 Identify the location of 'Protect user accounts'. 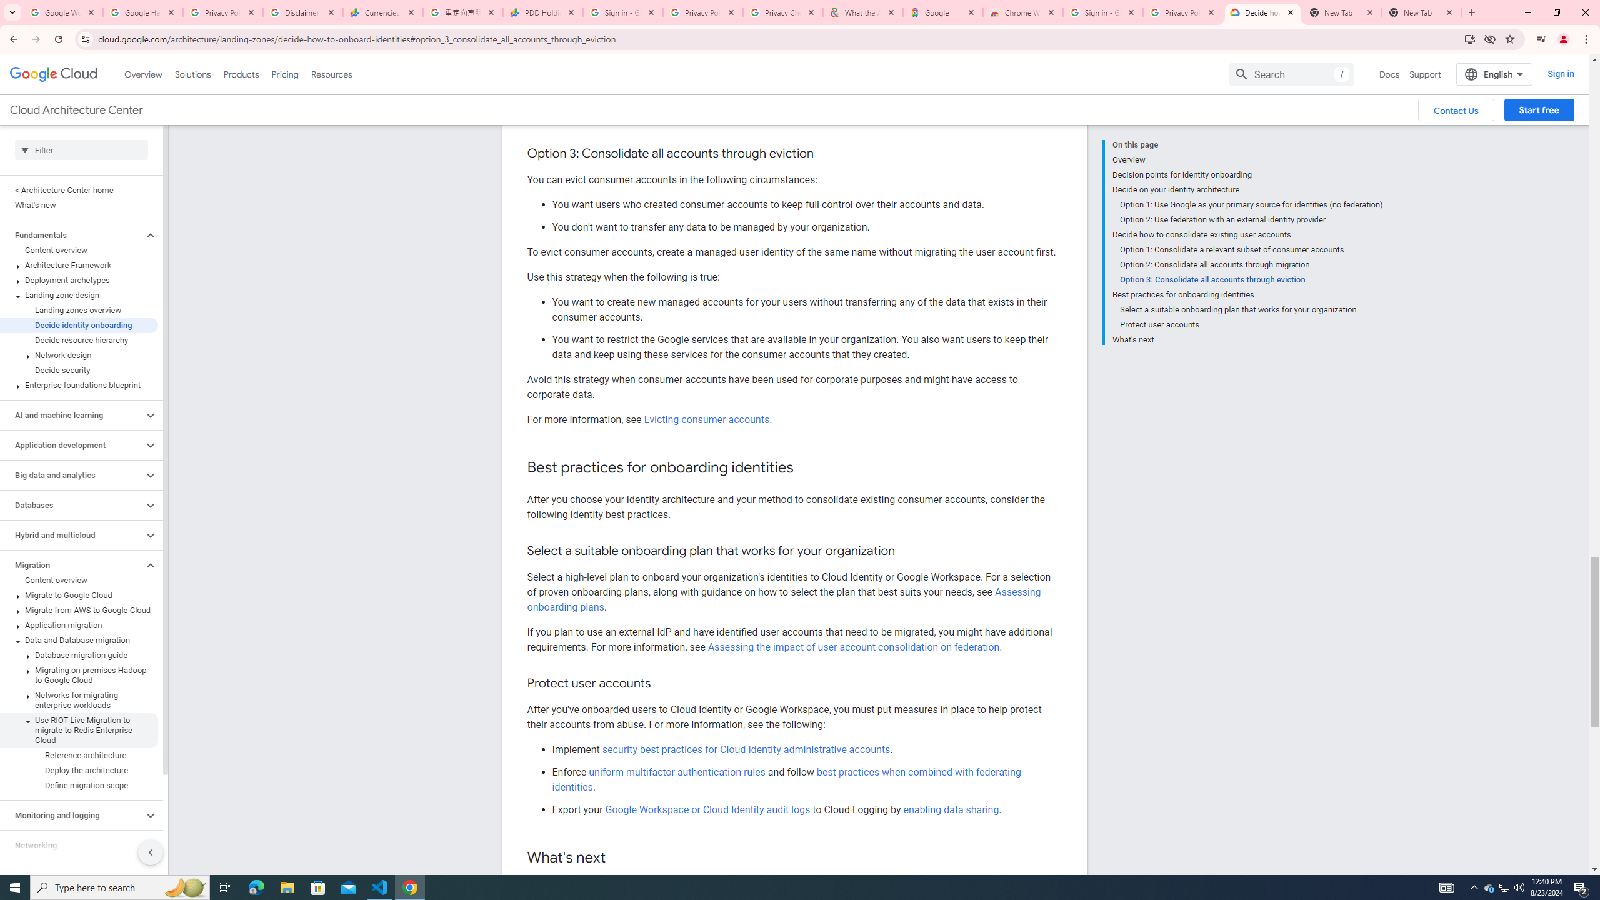
(1251, 324).